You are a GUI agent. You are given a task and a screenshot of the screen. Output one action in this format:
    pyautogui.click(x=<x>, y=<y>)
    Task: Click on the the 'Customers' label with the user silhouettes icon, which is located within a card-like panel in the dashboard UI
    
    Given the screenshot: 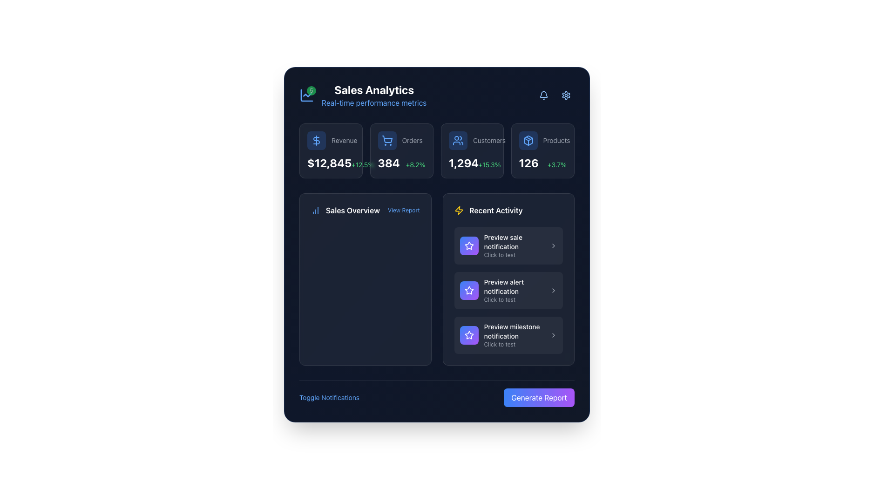 What is the action you would take?
    pyautogui.click(x=472, y=140)
    